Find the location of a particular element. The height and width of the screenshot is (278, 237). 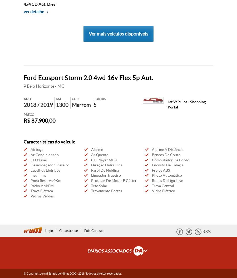

'Ford Ecosport Storm 2.0 4wd 16v Flex 5p Aut.' is located at coordinates (88, 77).